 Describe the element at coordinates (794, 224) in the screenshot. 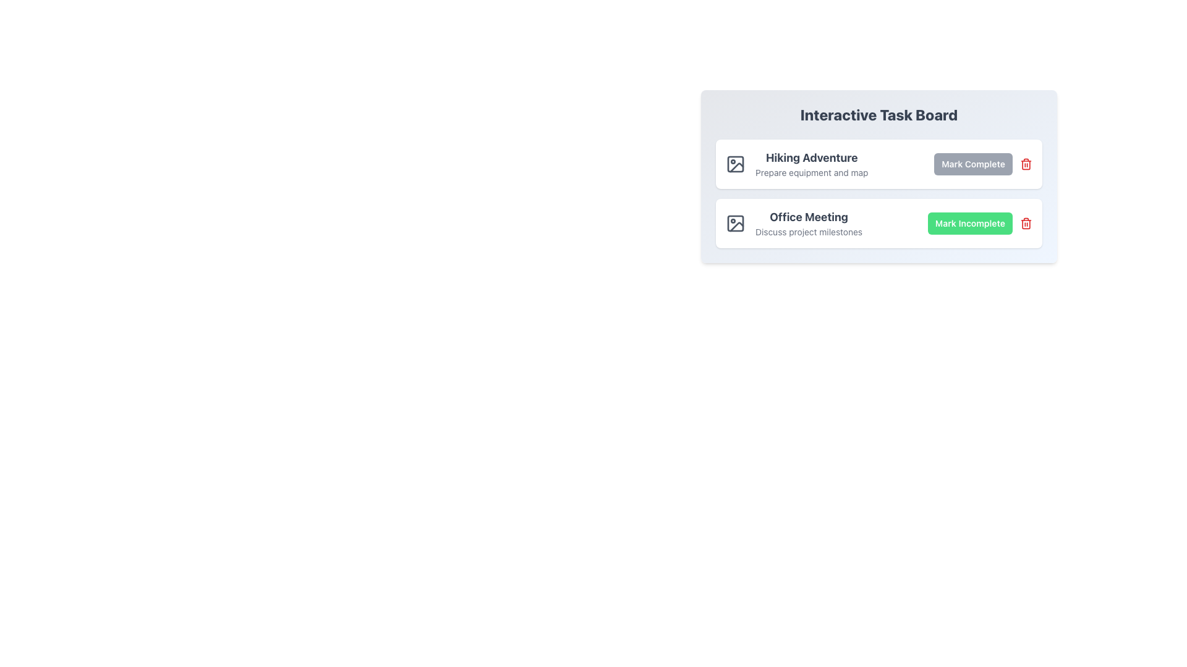

I see `the title and subtitle section labeled 'Office Meeting' with the subtitle 'Discuss project milestones' in the Interactive Task Board, located between the 'Hiking Adventure' item and the next content` at that location.